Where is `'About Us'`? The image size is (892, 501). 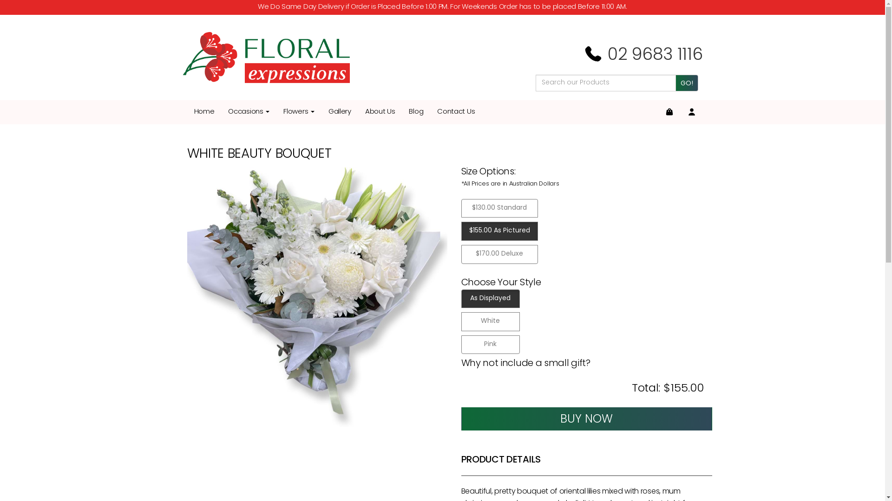 'About Us' is located at coordinates (380, 112).